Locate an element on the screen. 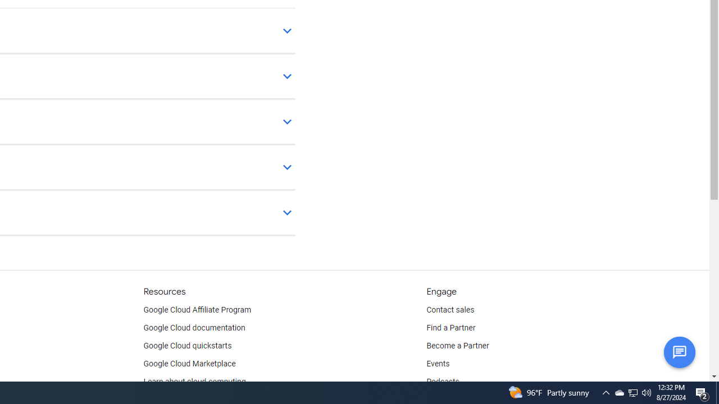  'Button to activate chat' is located at coordinates (679, 351).